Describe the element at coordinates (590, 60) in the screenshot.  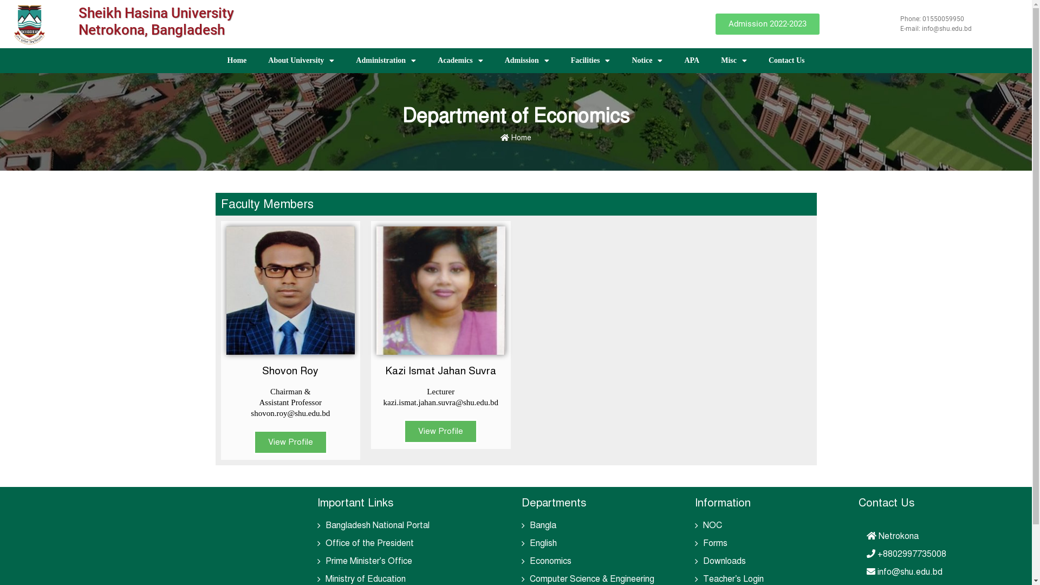
I see `'Facilities'` at that location.